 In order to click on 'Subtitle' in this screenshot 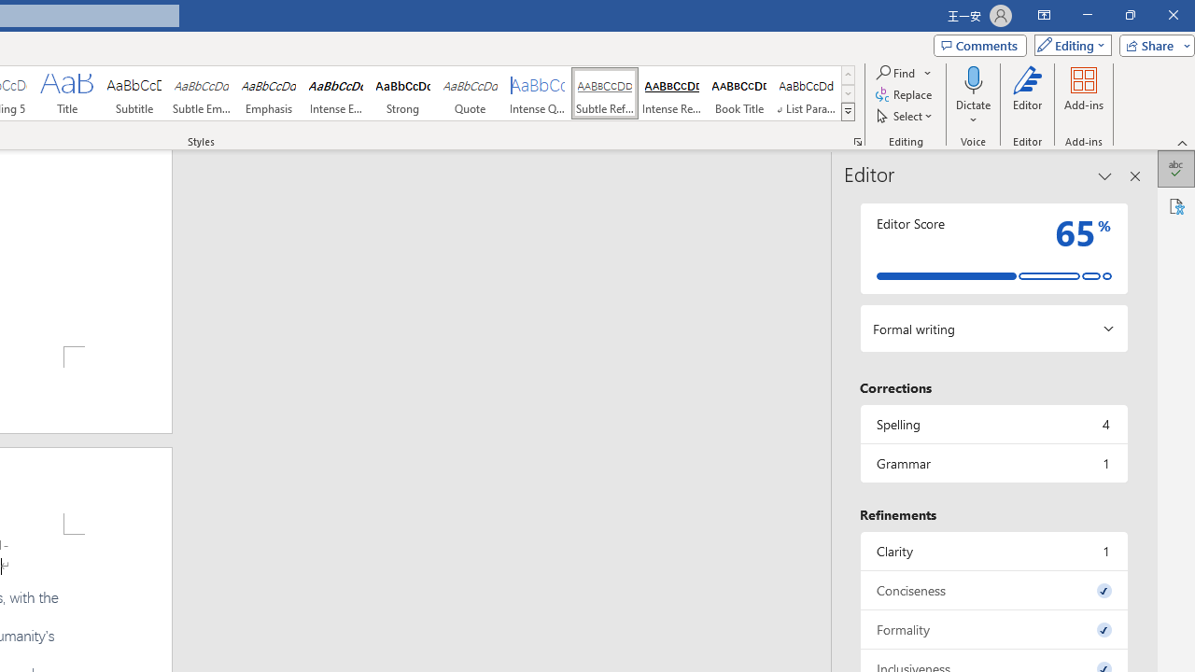, I will do `click(134, 93)`.